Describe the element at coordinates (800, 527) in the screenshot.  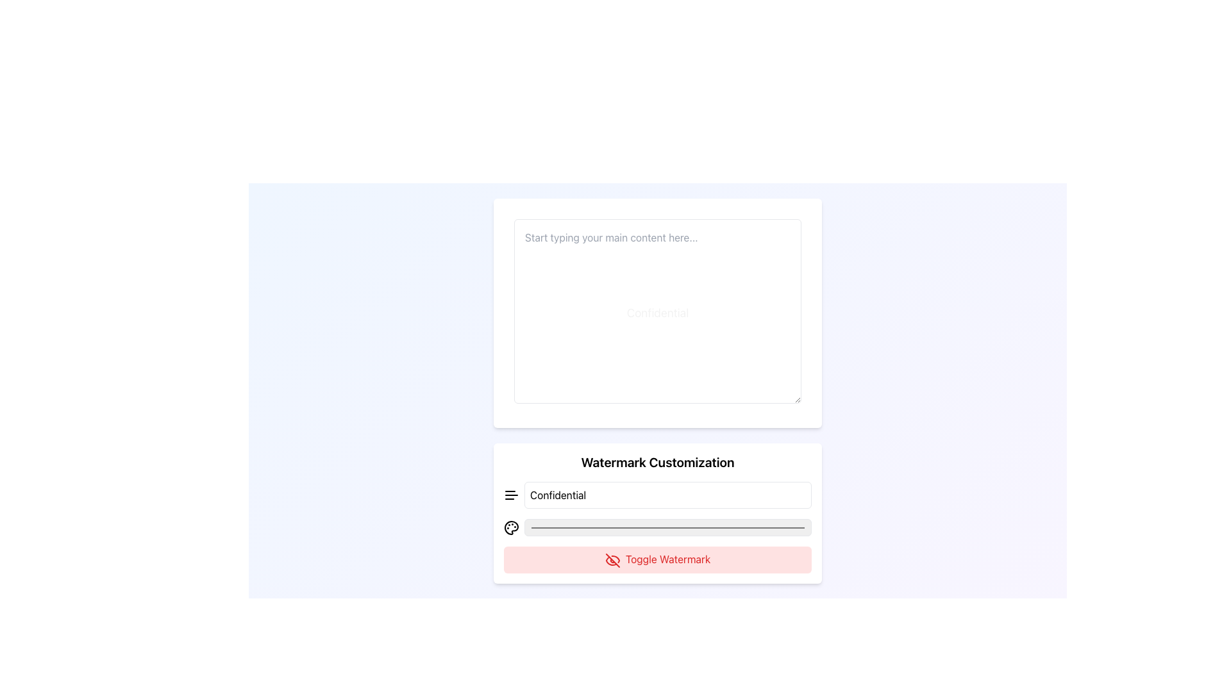
I see `the color slider` at that location.